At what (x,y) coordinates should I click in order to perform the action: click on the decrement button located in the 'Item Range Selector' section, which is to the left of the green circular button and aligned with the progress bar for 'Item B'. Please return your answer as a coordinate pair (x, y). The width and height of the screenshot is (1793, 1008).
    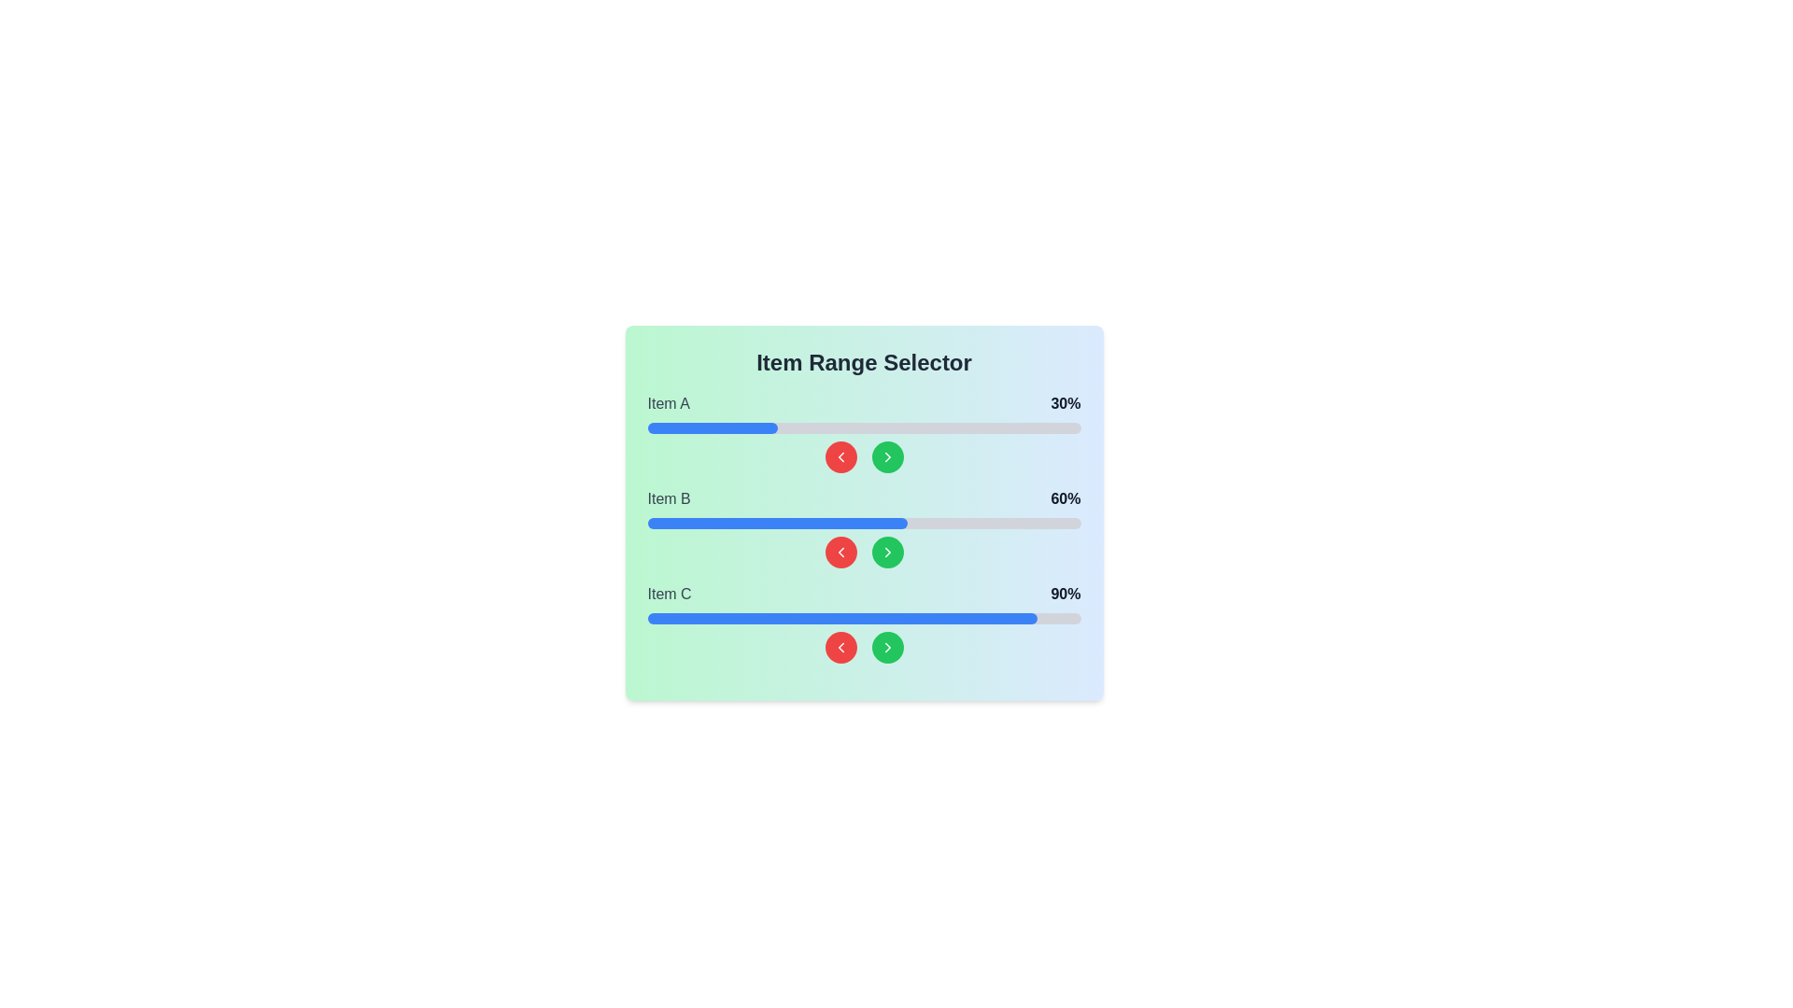
    Looking at the image, I should click on (840, 551).